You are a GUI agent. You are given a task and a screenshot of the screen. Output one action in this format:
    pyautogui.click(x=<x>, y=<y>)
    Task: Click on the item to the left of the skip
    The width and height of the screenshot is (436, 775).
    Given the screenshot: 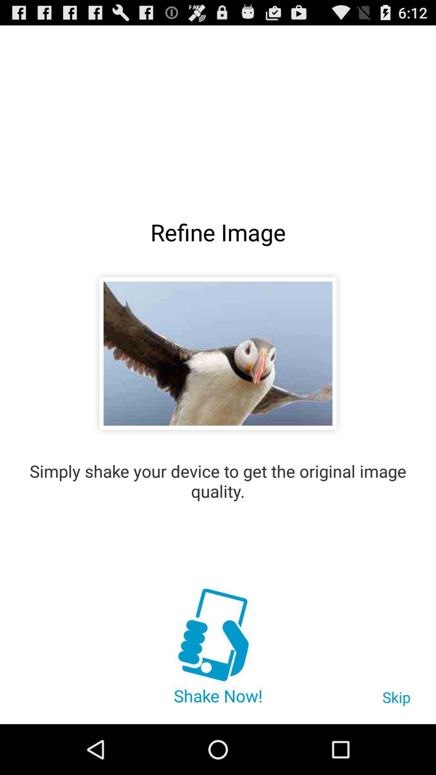 What is the action you would take?
    pyautogui.click(x=217, y=636)
    